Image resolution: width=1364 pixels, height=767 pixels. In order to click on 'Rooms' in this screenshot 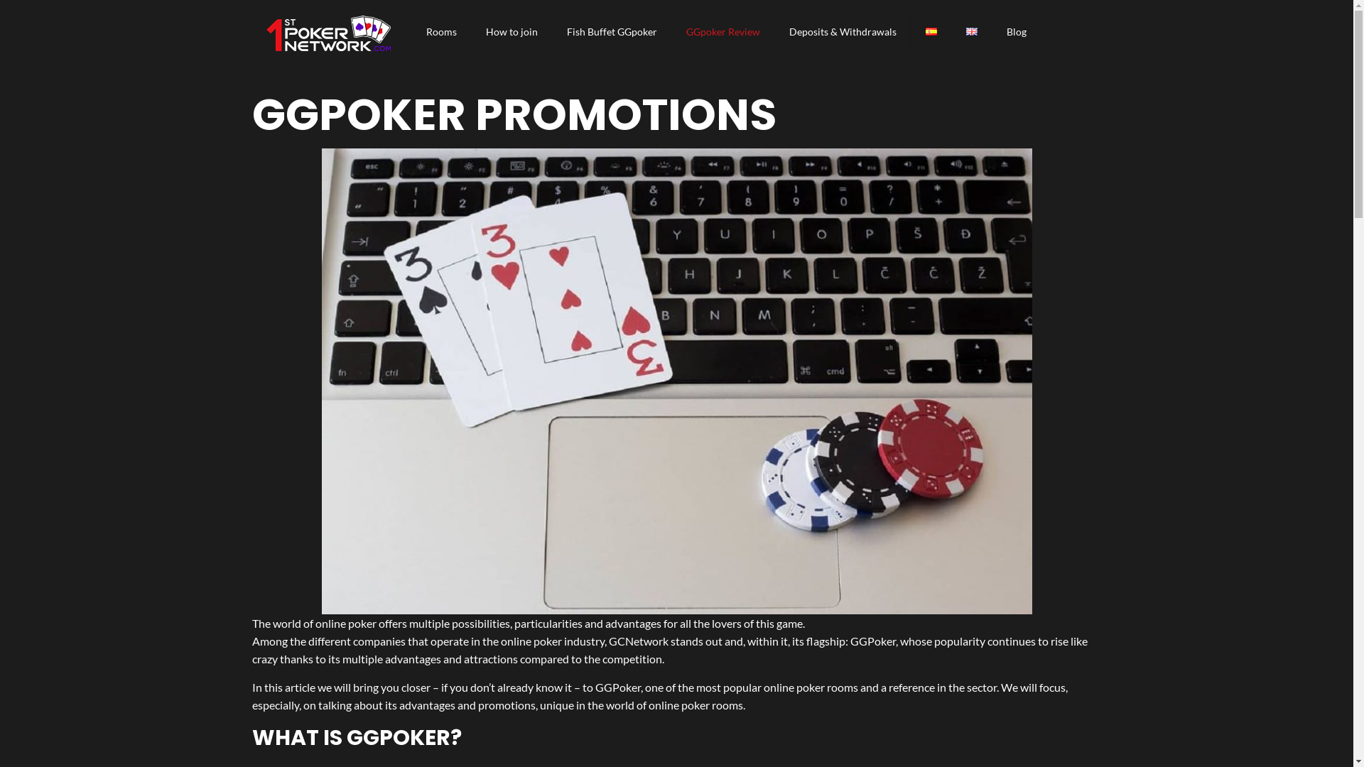, I will do `click(411, 32)`.